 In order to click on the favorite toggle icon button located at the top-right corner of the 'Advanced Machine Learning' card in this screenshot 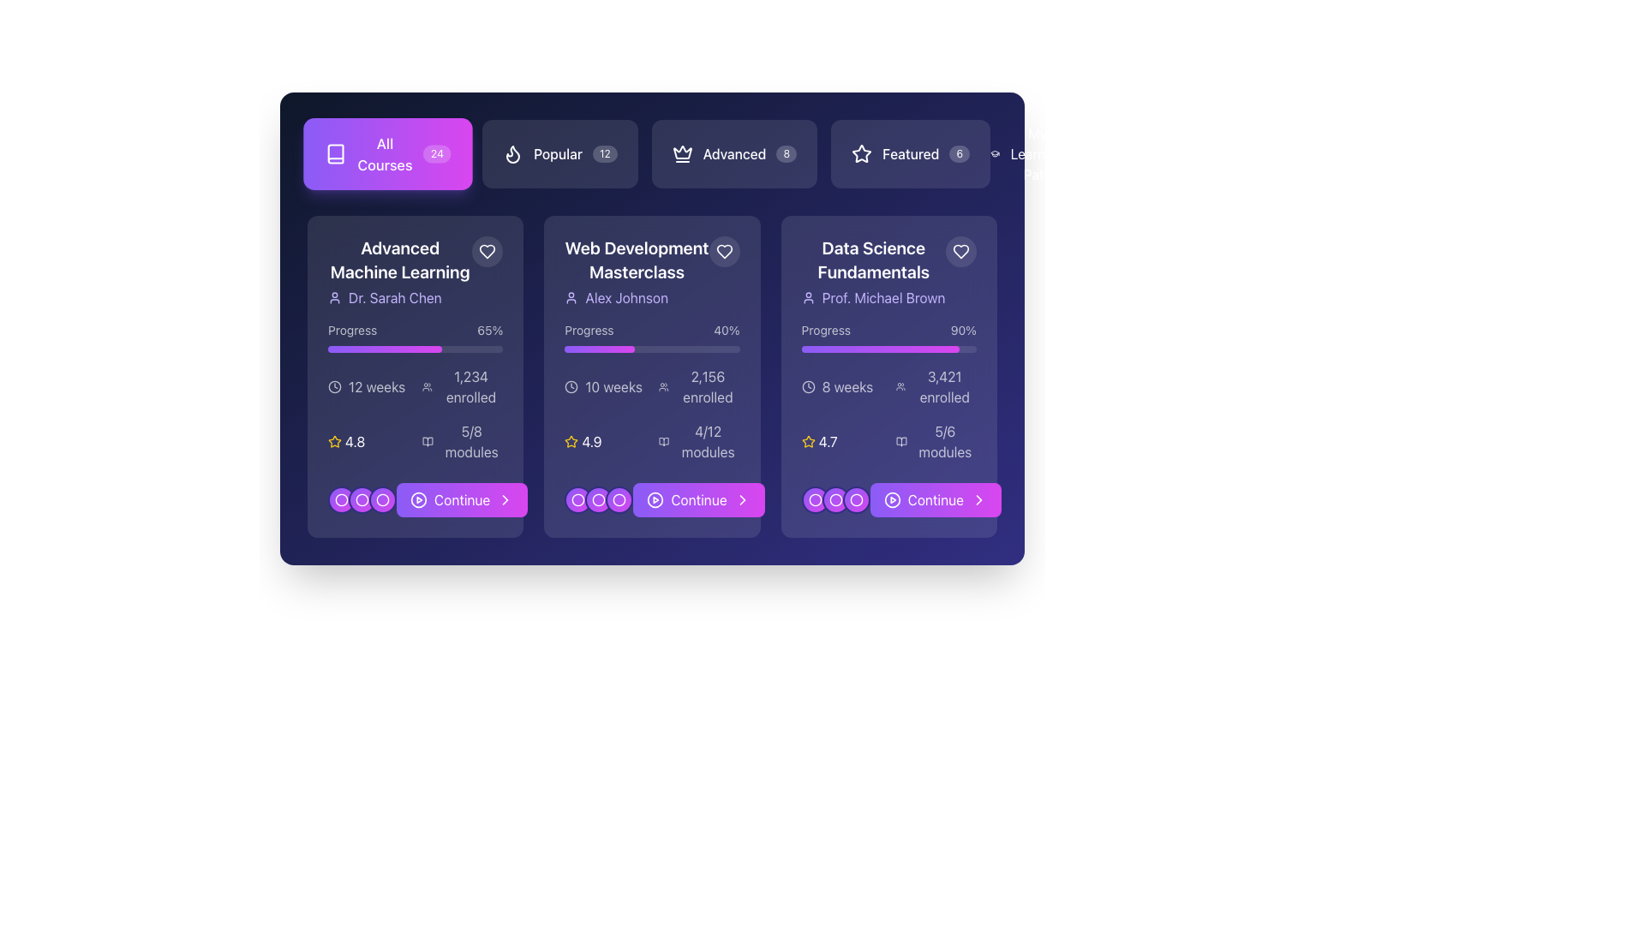, I will do `click(487, 251)`.